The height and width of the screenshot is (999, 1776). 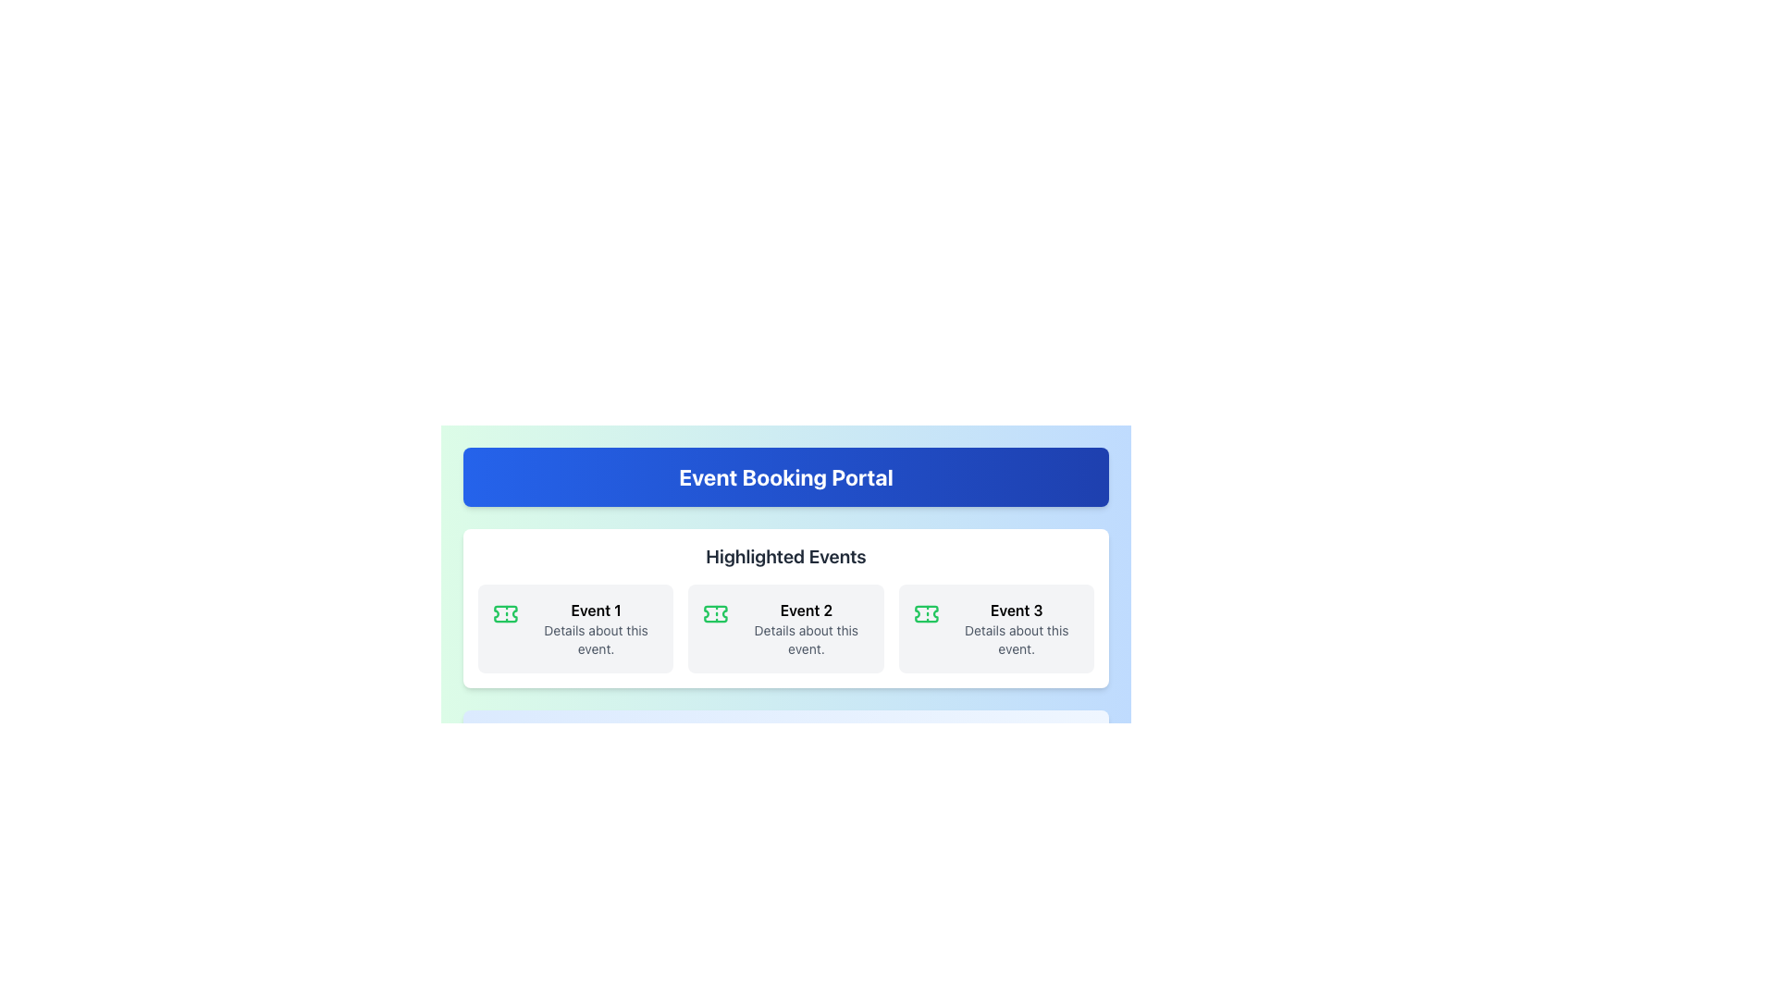 I want to click on details about the event by clicking on the text block containing 'Event 3' and its description in the third card of the 'Highlighted Events' section, so click(x=1016, y=627).